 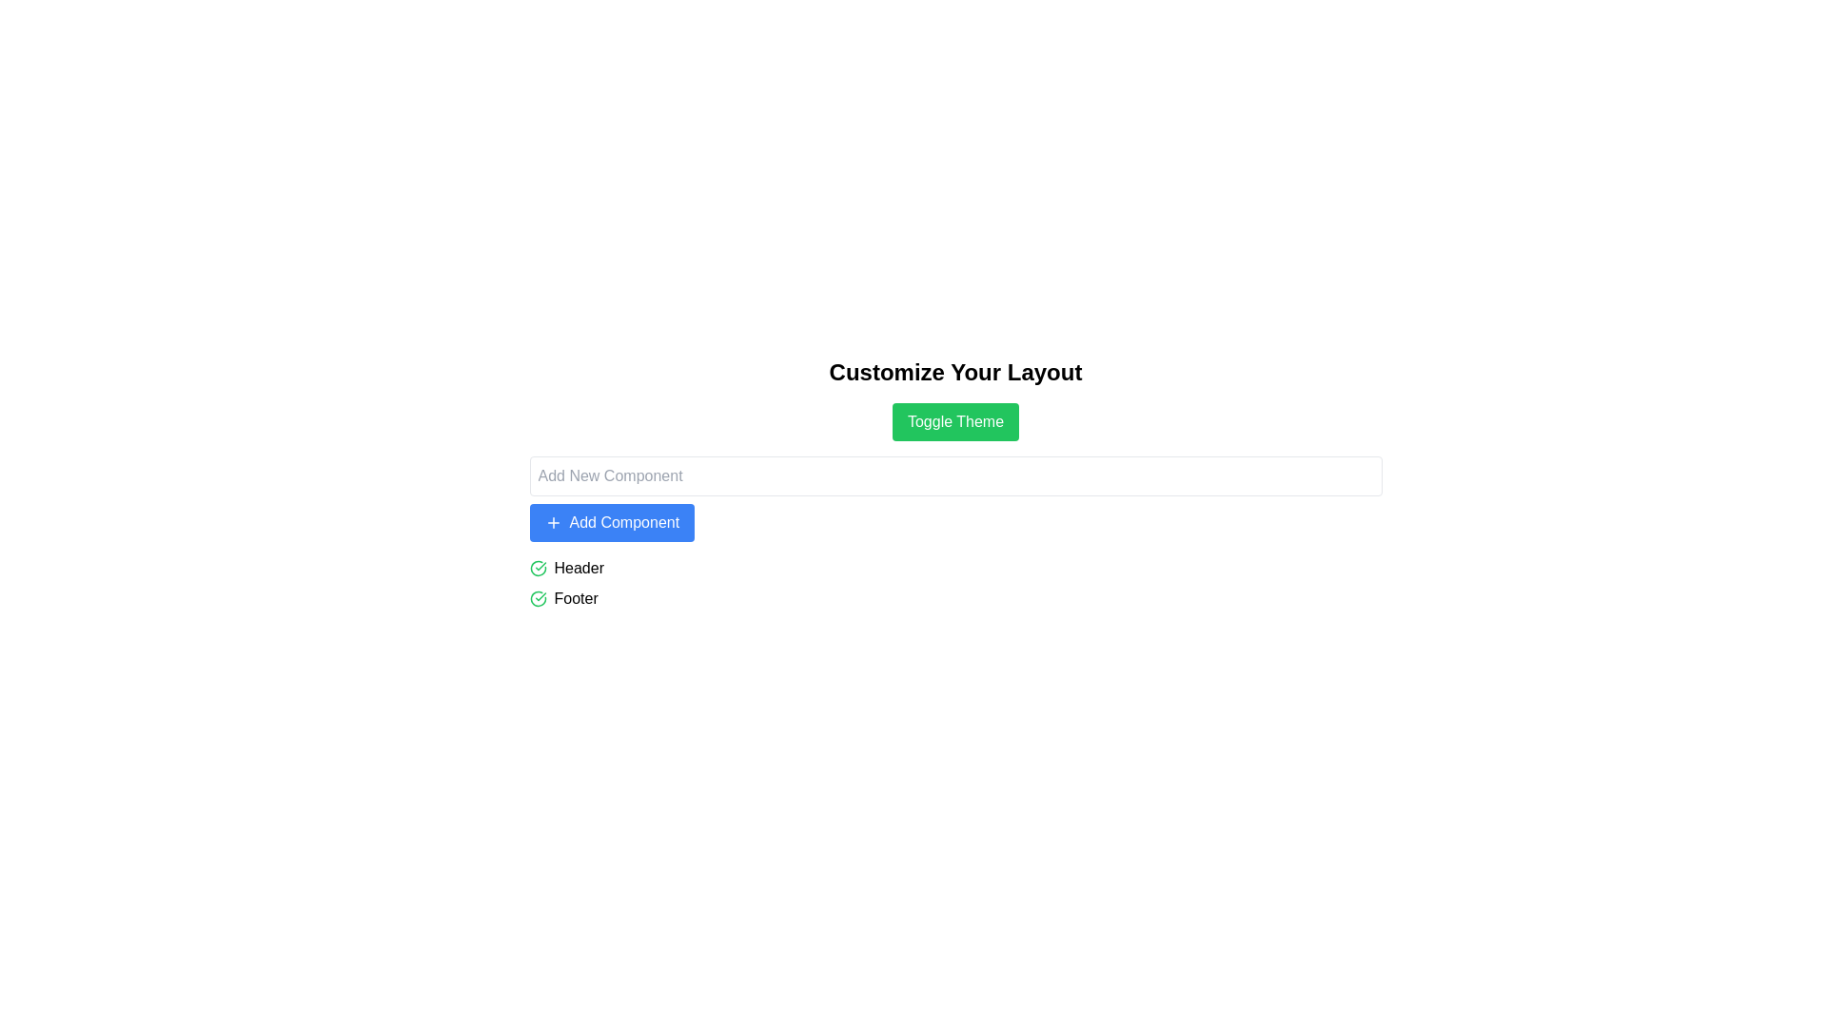 What do you see at coordinates (955, 420) in the screenshot?
I see `the theme toggle button located centrally below the 'Customize Your Layout' text to observe the styling change` at bounding box center [955, 420].